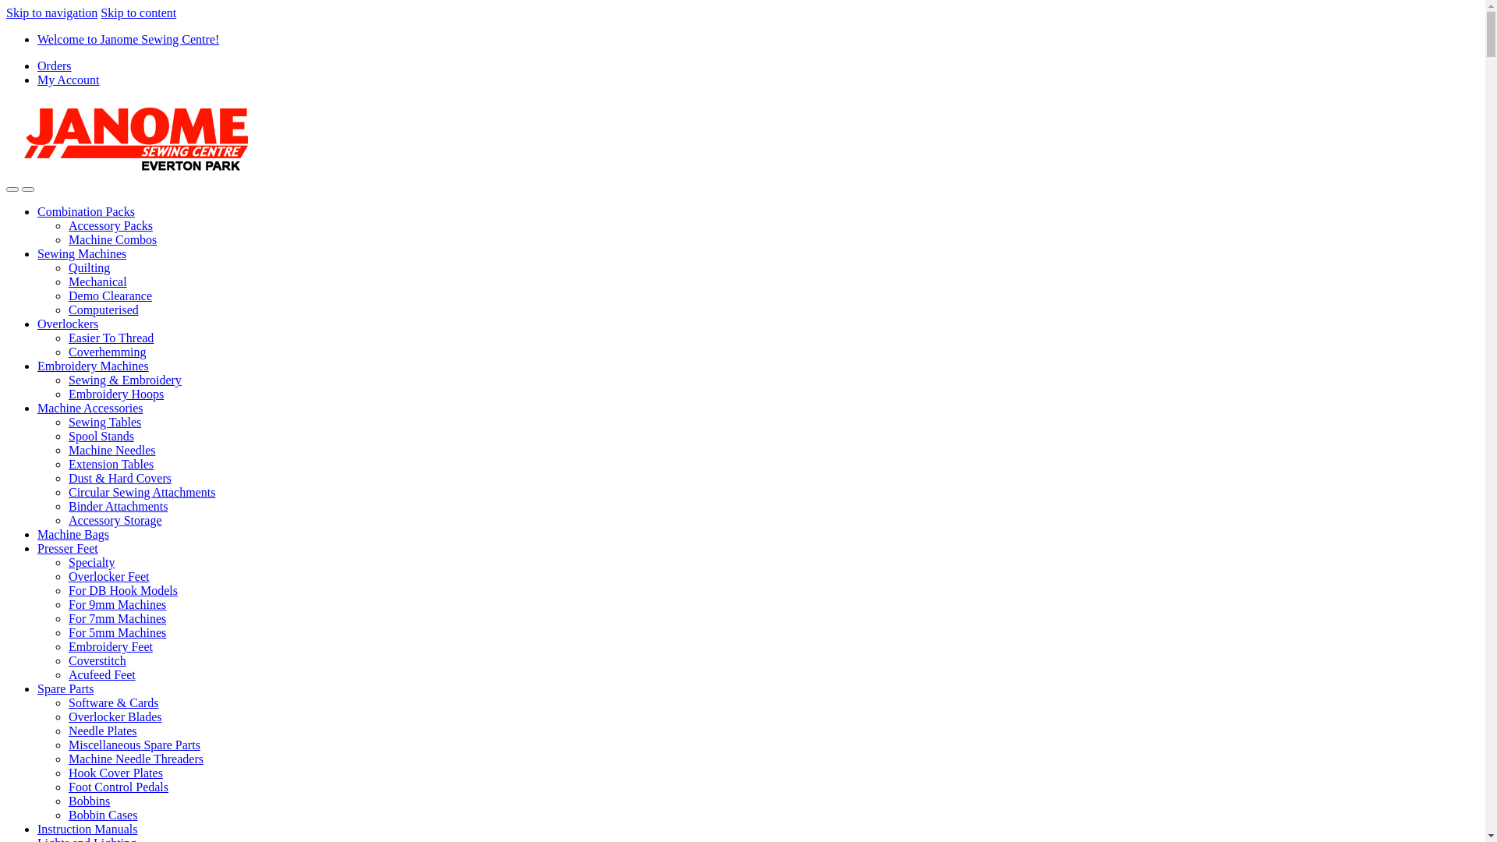 This screenshot has height=842, width=1497. I want to click on 'Embroidery Machines', so click(92, 366).